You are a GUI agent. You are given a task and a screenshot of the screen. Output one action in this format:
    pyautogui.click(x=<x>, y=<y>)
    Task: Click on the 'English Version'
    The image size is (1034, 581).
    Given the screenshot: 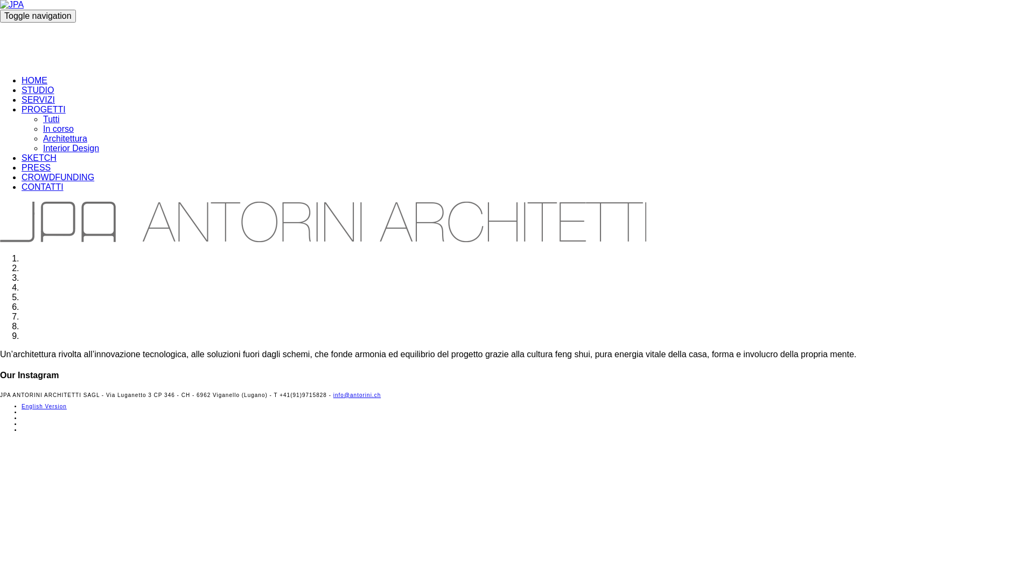 What is the action you would take?
    pyautogui.click(x=43, y=406)
    